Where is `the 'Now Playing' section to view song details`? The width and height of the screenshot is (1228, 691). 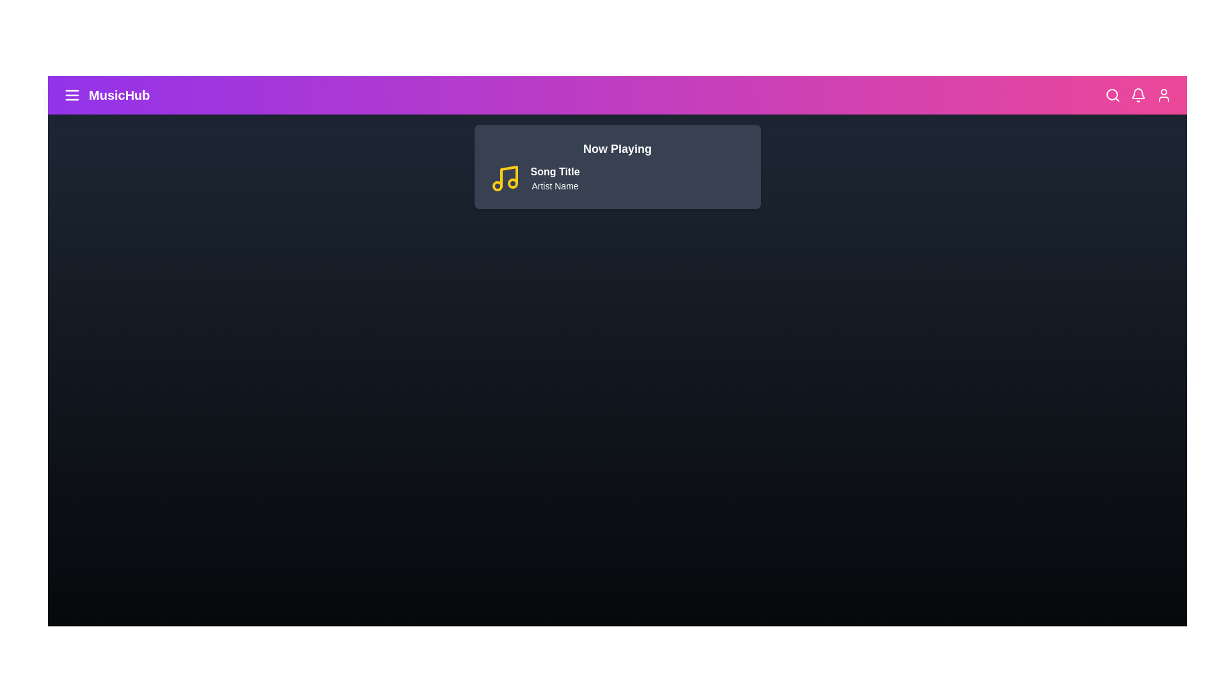 the 'Now Playing' section to view song details is located at coordinates (617, 166).